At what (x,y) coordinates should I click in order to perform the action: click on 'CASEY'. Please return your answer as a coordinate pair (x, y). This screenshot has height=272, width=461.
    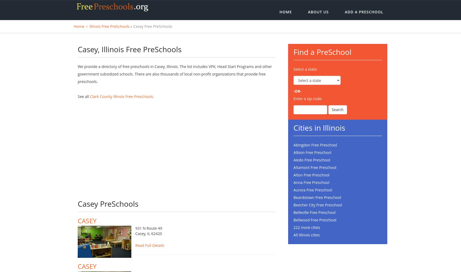
    Looking at the image, I should click on (77, 226).